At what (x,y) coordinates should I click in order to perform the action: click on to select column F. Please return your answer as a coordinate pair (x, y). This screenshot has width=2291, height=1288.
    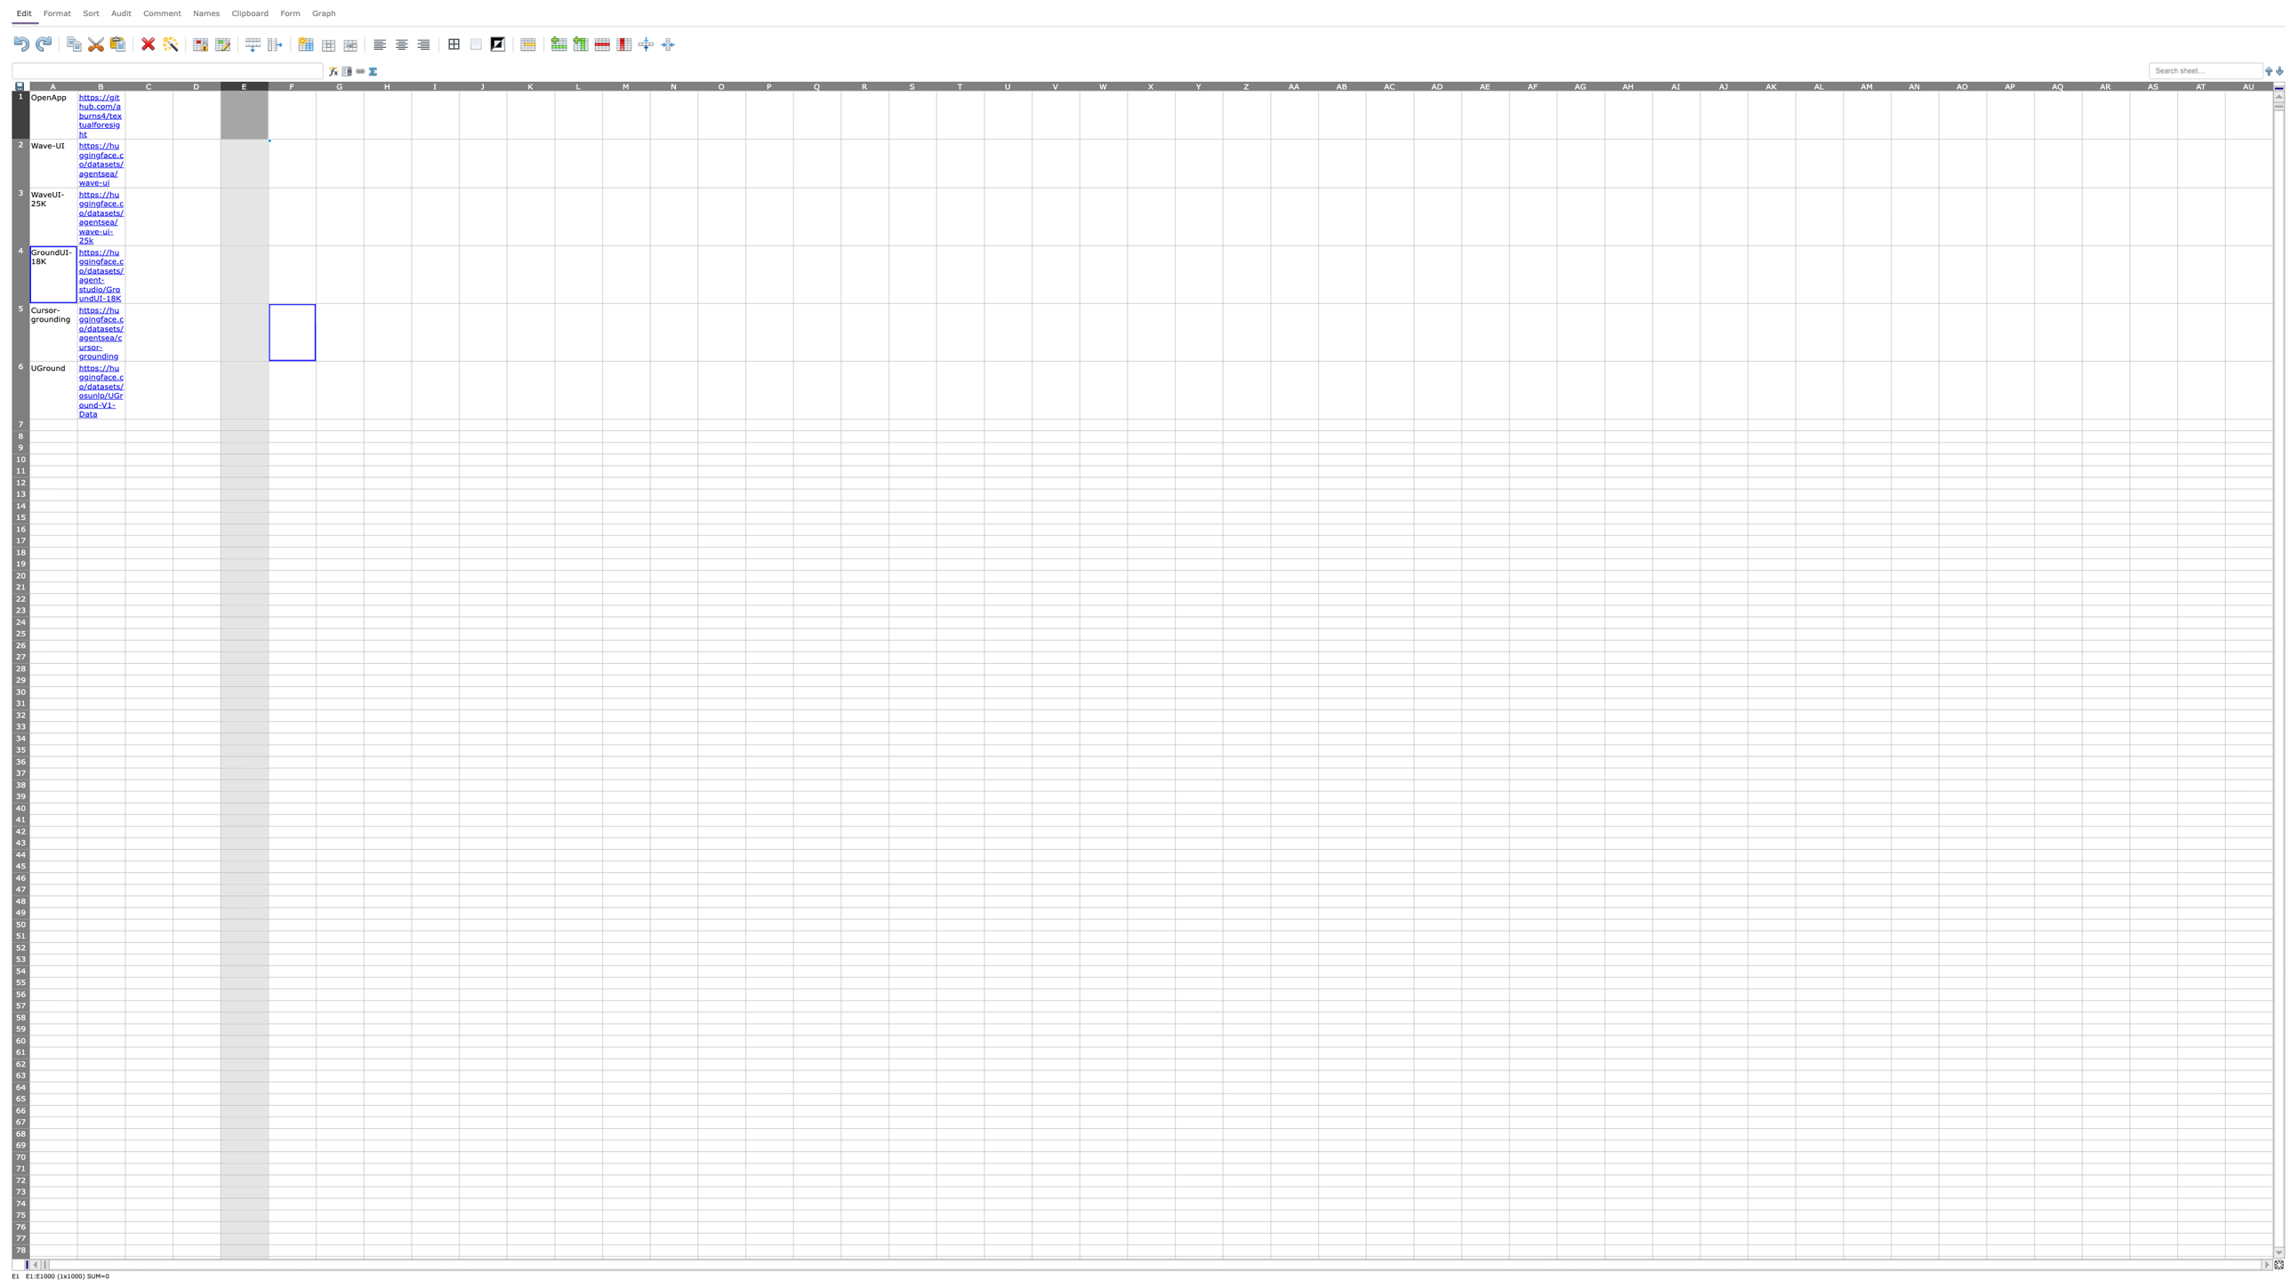
    Looking at the image, I should click on (292, 84).